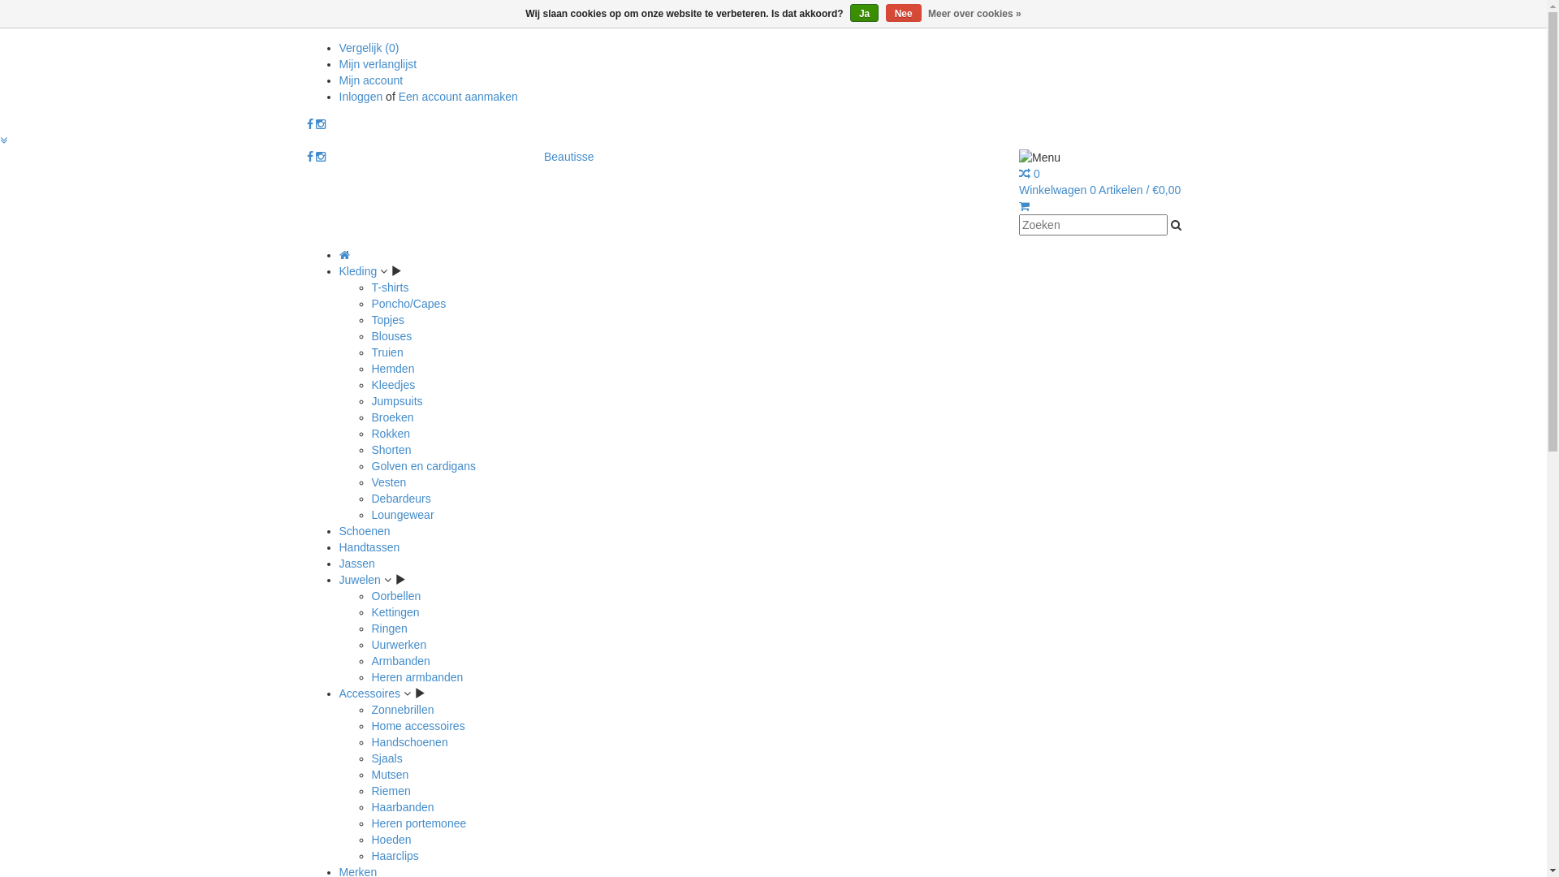 The image size is (1559, 877). I want to click on 'Riemen', so click(391, 790).